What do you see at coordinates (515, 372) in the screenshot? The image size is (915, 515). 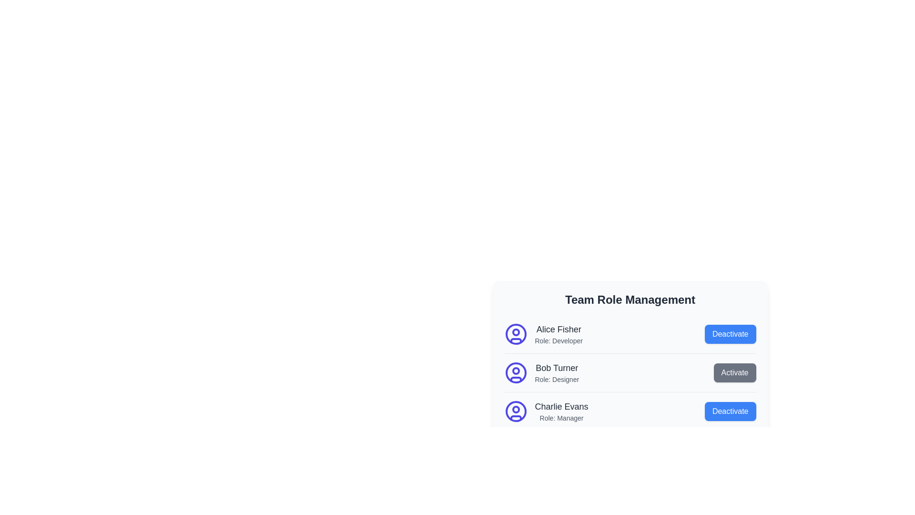 I see `the outer circle of the user icon representing 'Bob Turner', which is styled with a blue fill and positioned to the left of the text 'Bob Turner' and 'Role: Designer'` at bounding box center [515, 372].